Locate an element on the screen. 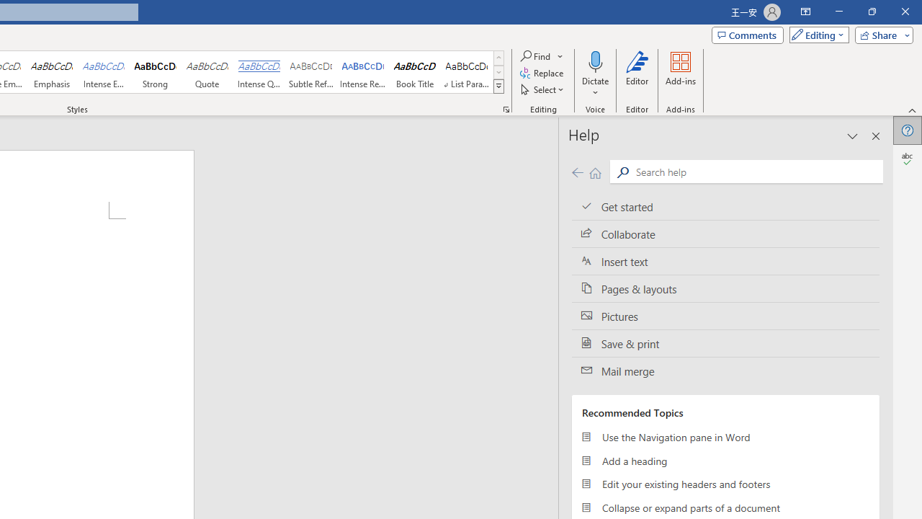  'Find' is located at coordinates (542, 56).